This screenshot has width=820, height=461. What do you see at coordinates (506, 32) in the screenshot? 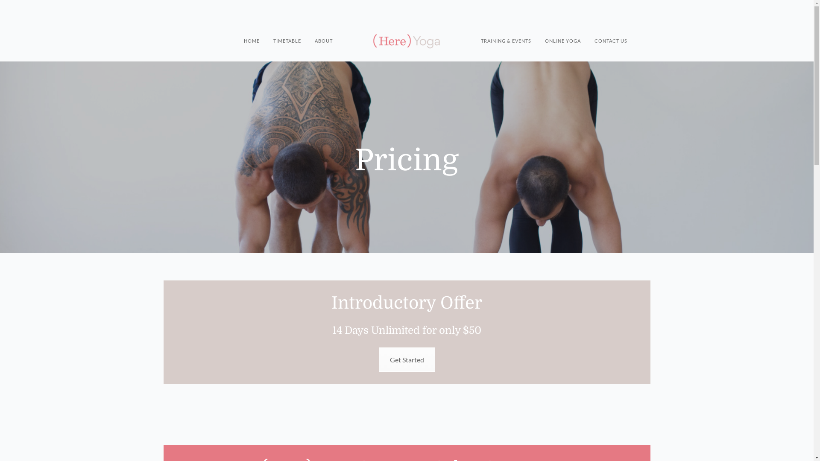
I see `'TRAINING & EVENTS'` at bounding box center [506, 32].